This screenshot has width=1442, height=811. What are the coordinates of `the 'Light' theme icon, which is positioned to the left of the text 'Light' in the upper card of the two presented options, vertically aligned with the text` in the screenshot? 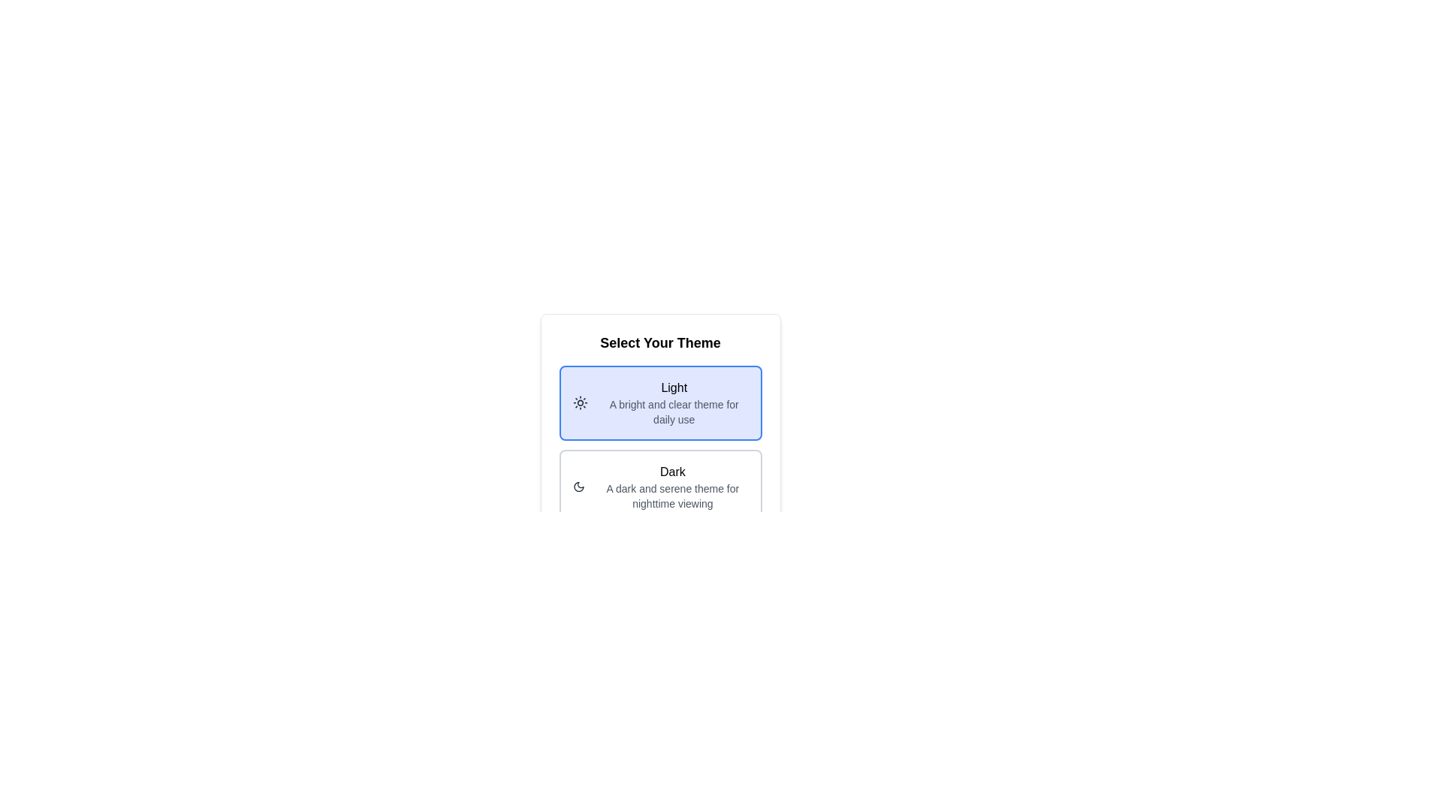 It's located at (579, 402).